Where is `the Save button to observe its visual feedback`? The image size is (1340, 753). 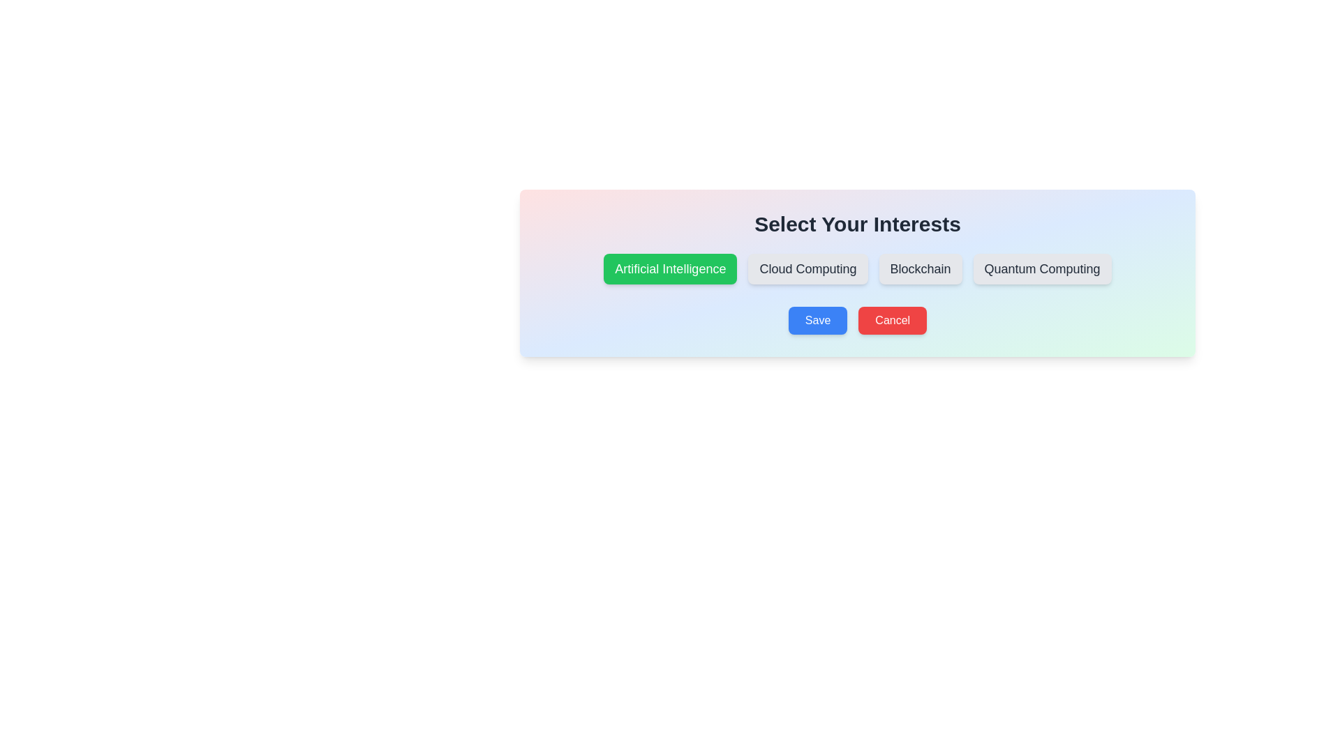
the Save button to observe its visual feedback is located at coordinates (818, 320).